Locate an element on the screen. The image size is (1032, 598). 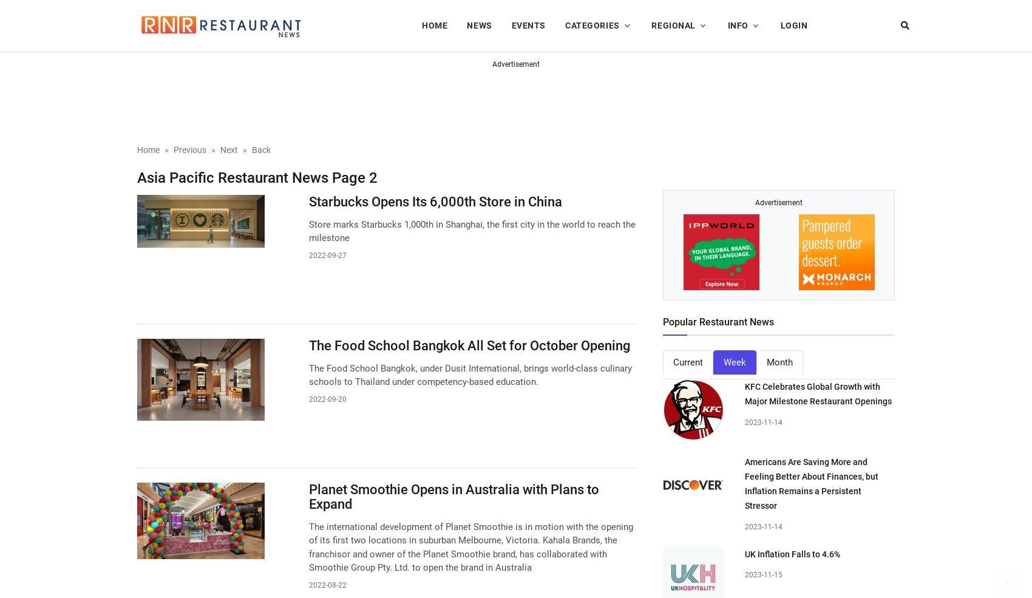
'Financial' is located at coordinates (550, 80).